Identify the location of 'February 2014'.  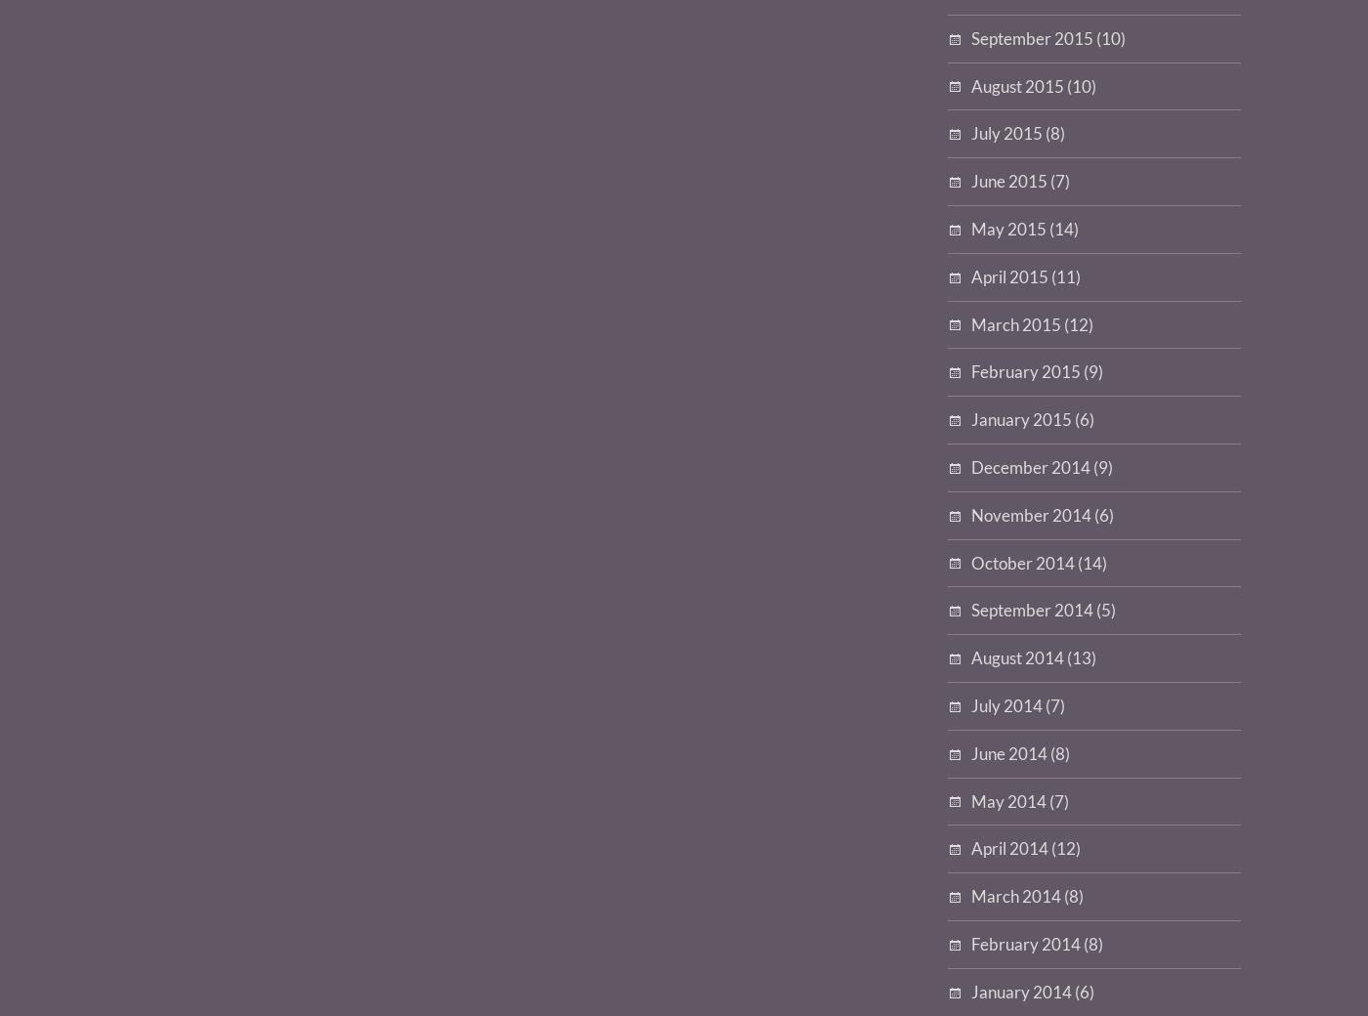
(1026, 944).